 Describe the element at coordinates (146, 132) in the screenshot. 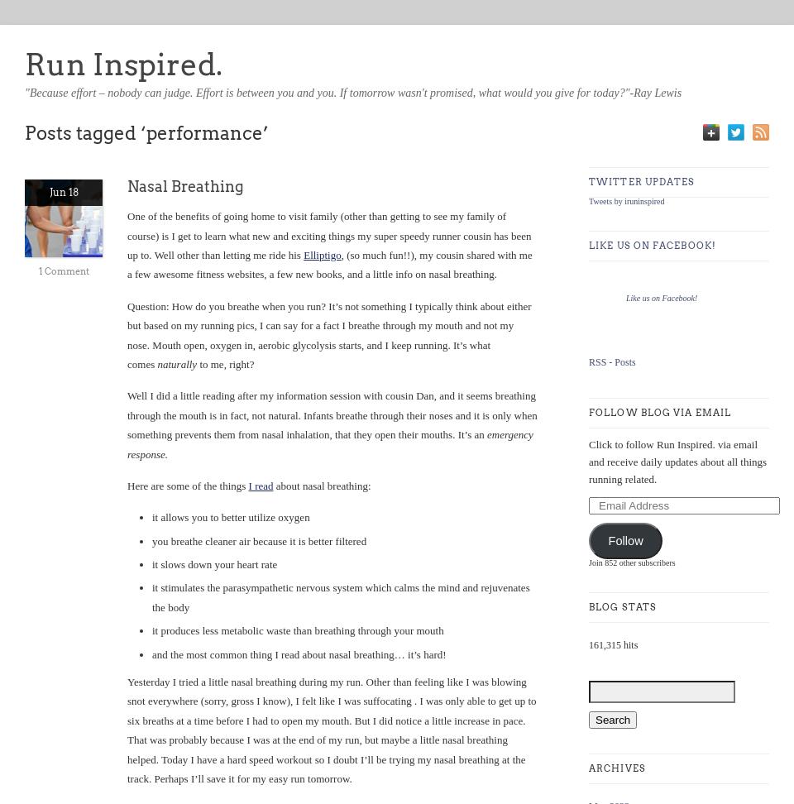

I see `'Posts tagged ‘performance’'` at that location.